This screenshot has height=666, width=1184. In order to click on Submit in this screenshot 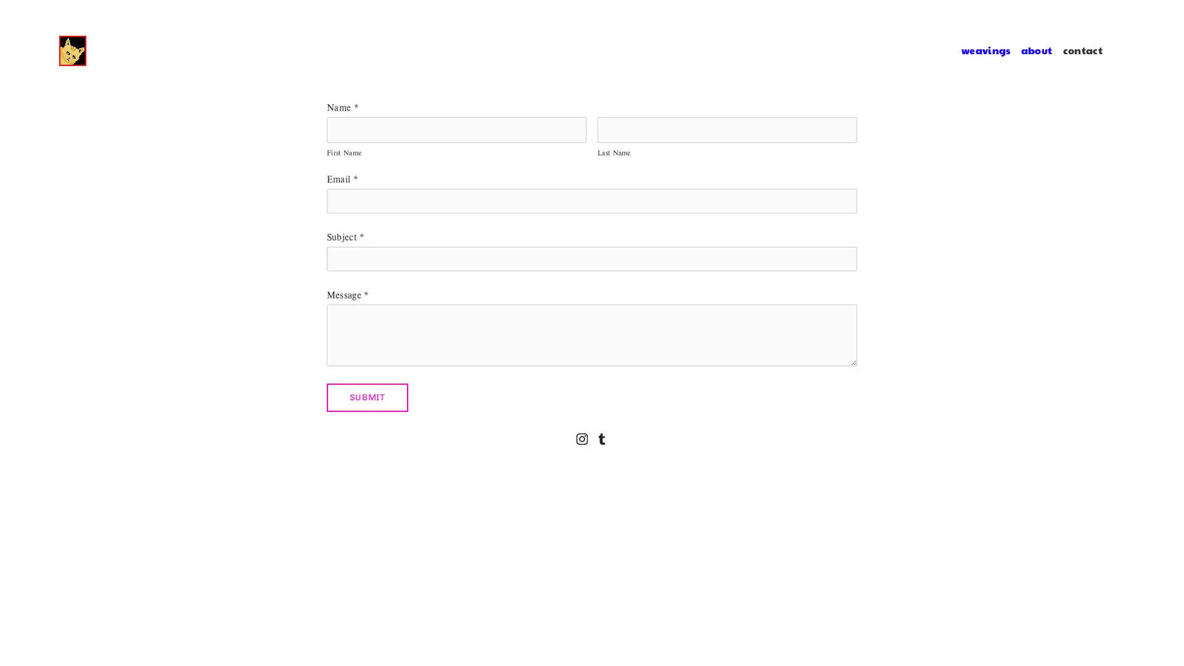, I will do `click(366, 397)`.